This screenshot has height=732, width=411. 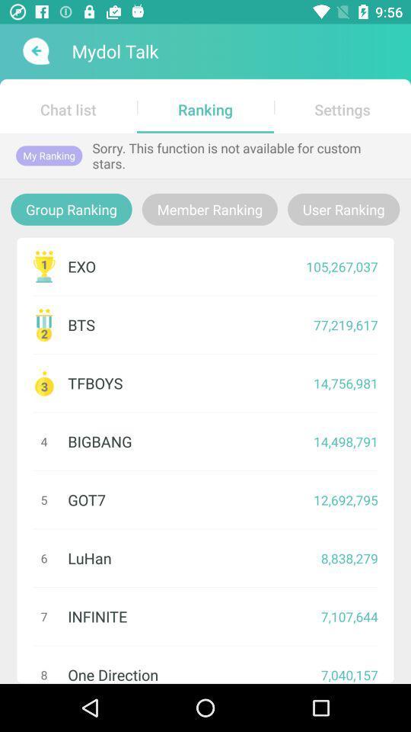 I want to click on the arrow_backward icon, so click(x=34, y=51).